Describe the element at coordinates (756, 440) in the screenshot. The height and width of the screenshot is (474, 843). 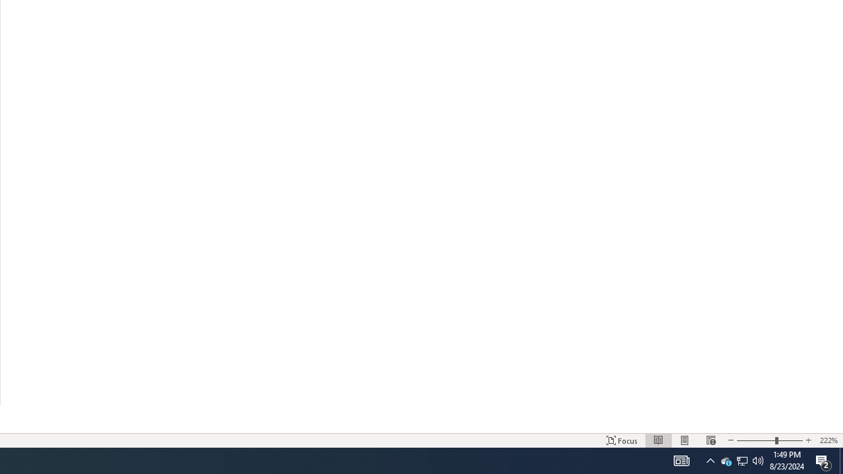
I see `'Zoom Out'` at that location.